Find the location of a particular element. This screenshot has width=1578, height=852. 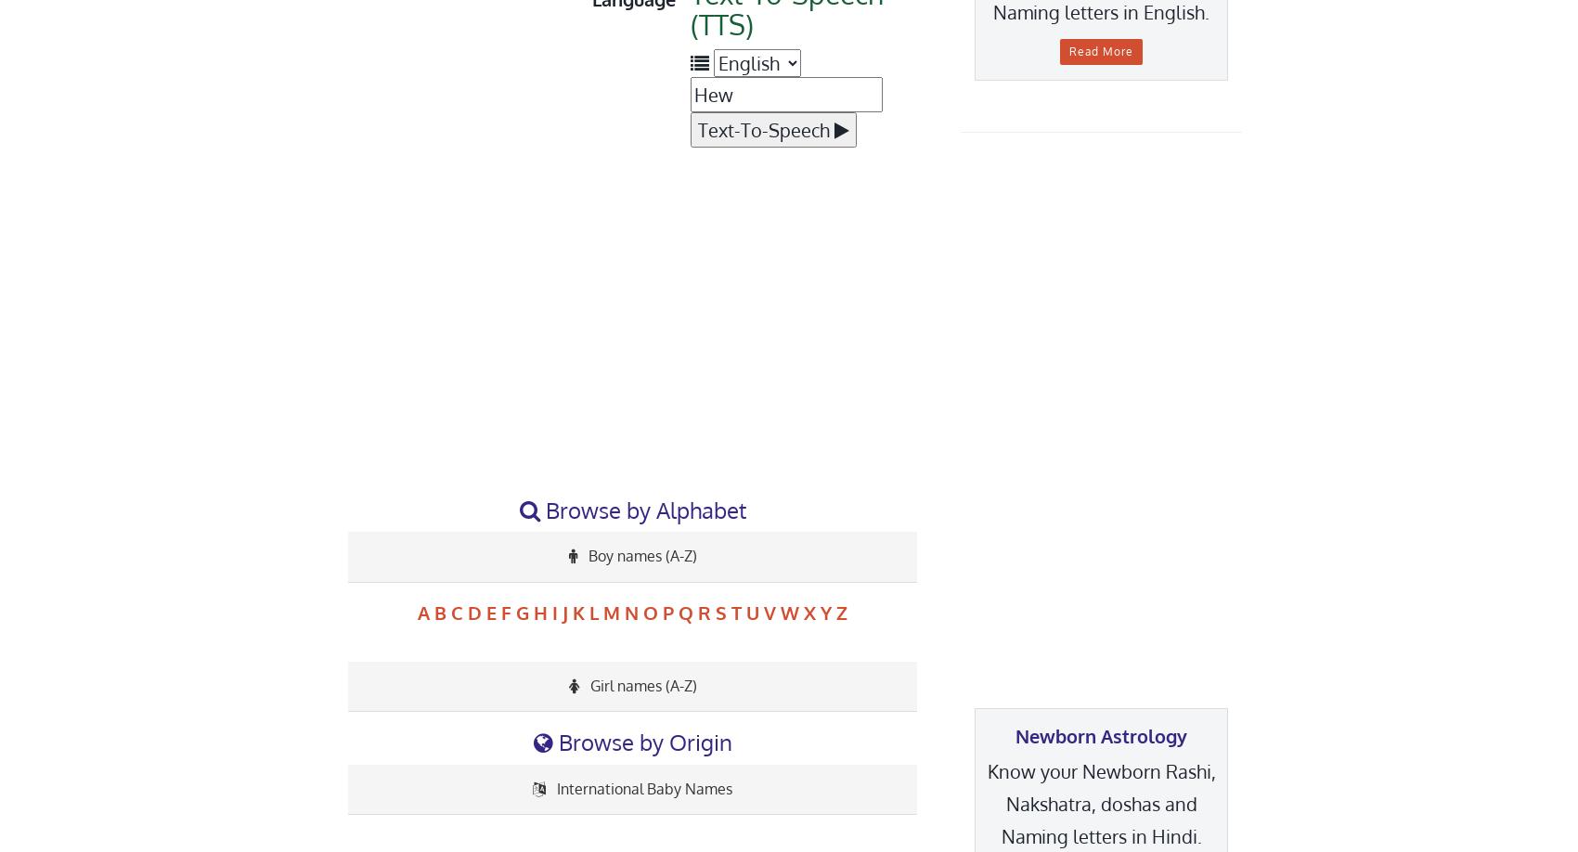

'Girl names (A-Z)' is located at coordinates (640, 683).